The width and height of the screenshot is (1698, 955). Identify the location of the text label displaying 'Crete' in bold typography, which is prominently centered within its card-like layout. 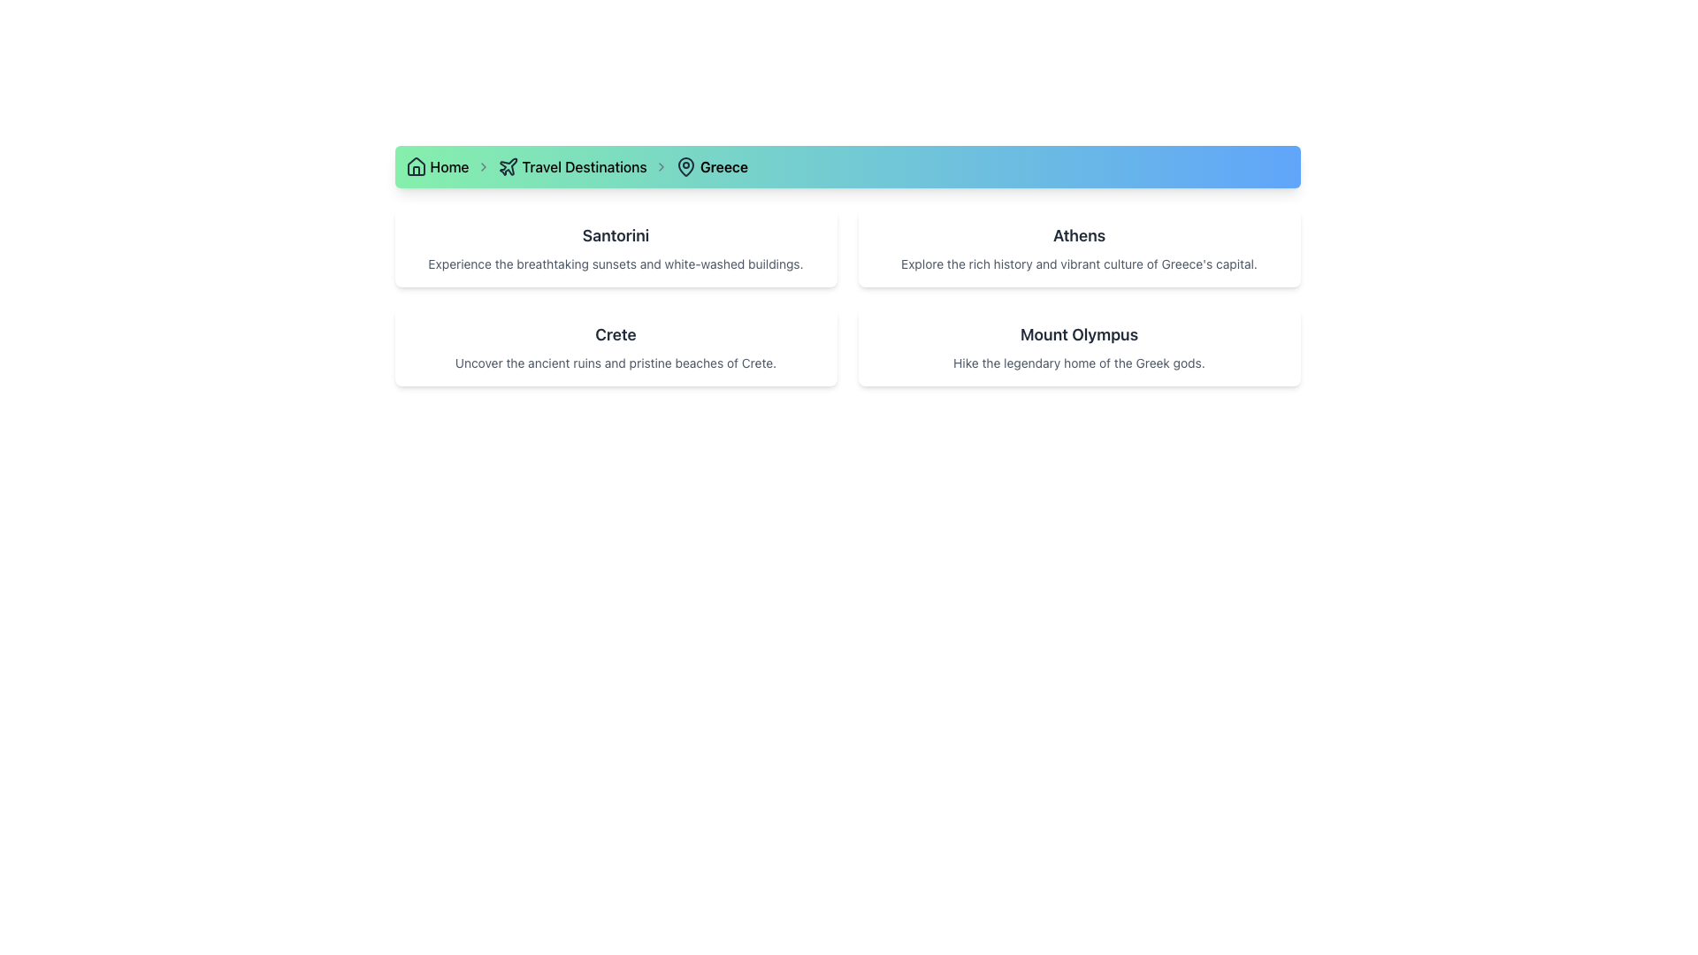
(616, 334).